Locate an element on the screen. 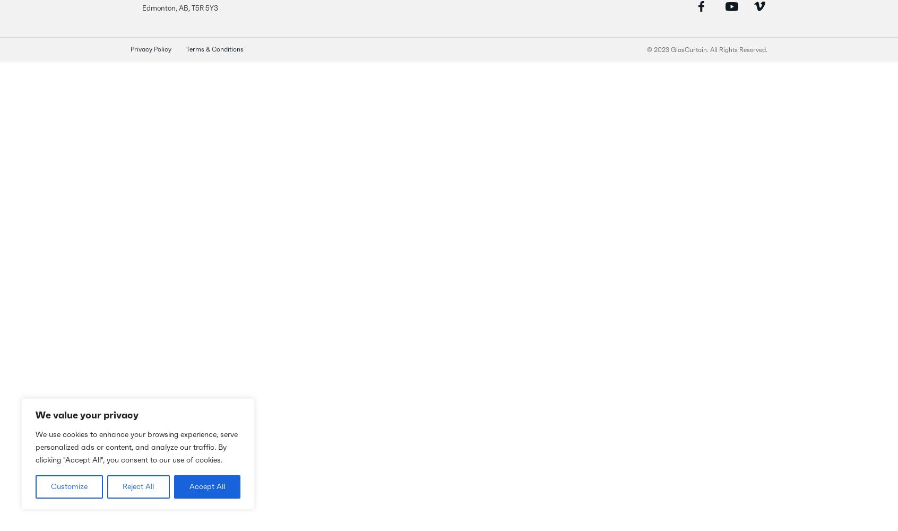 The image size is (898, 531). 'Accept All' is located at coordinates (206, 487).